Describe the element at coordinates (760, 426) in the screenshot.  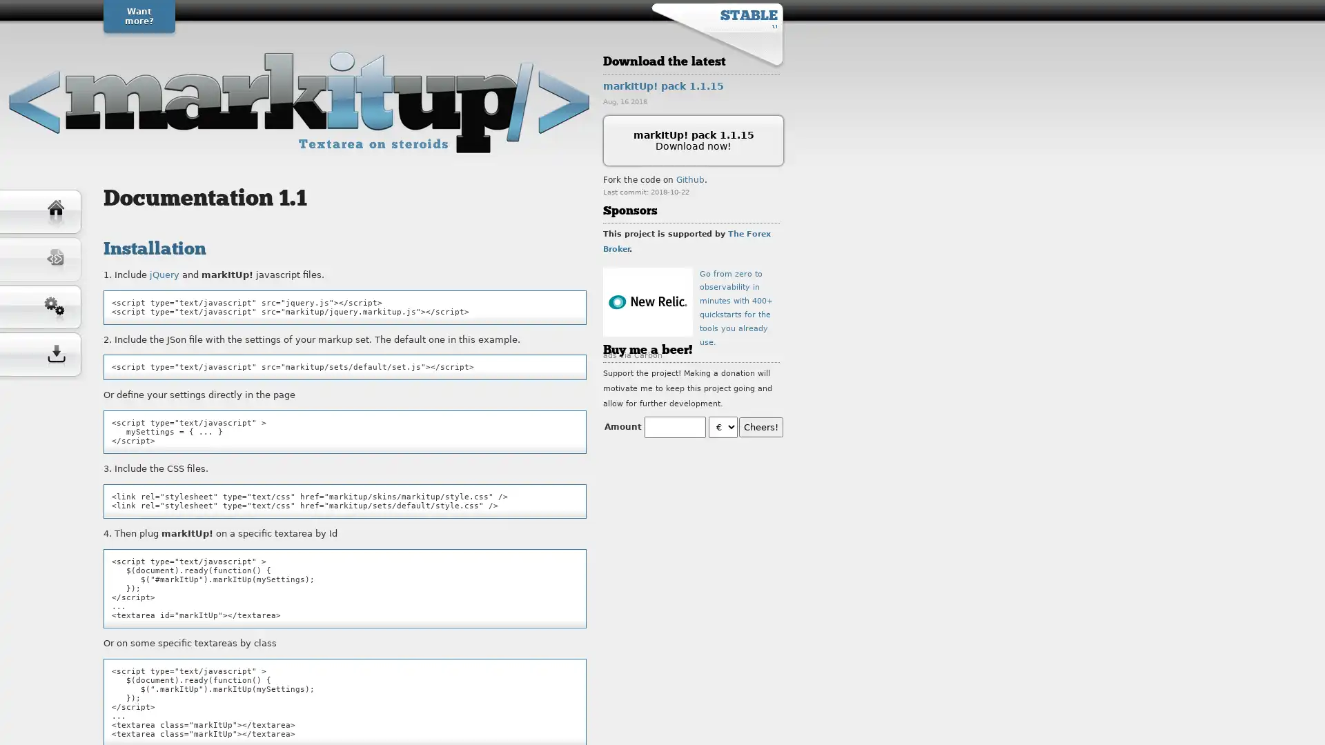
I see `Cheers!` at that location.